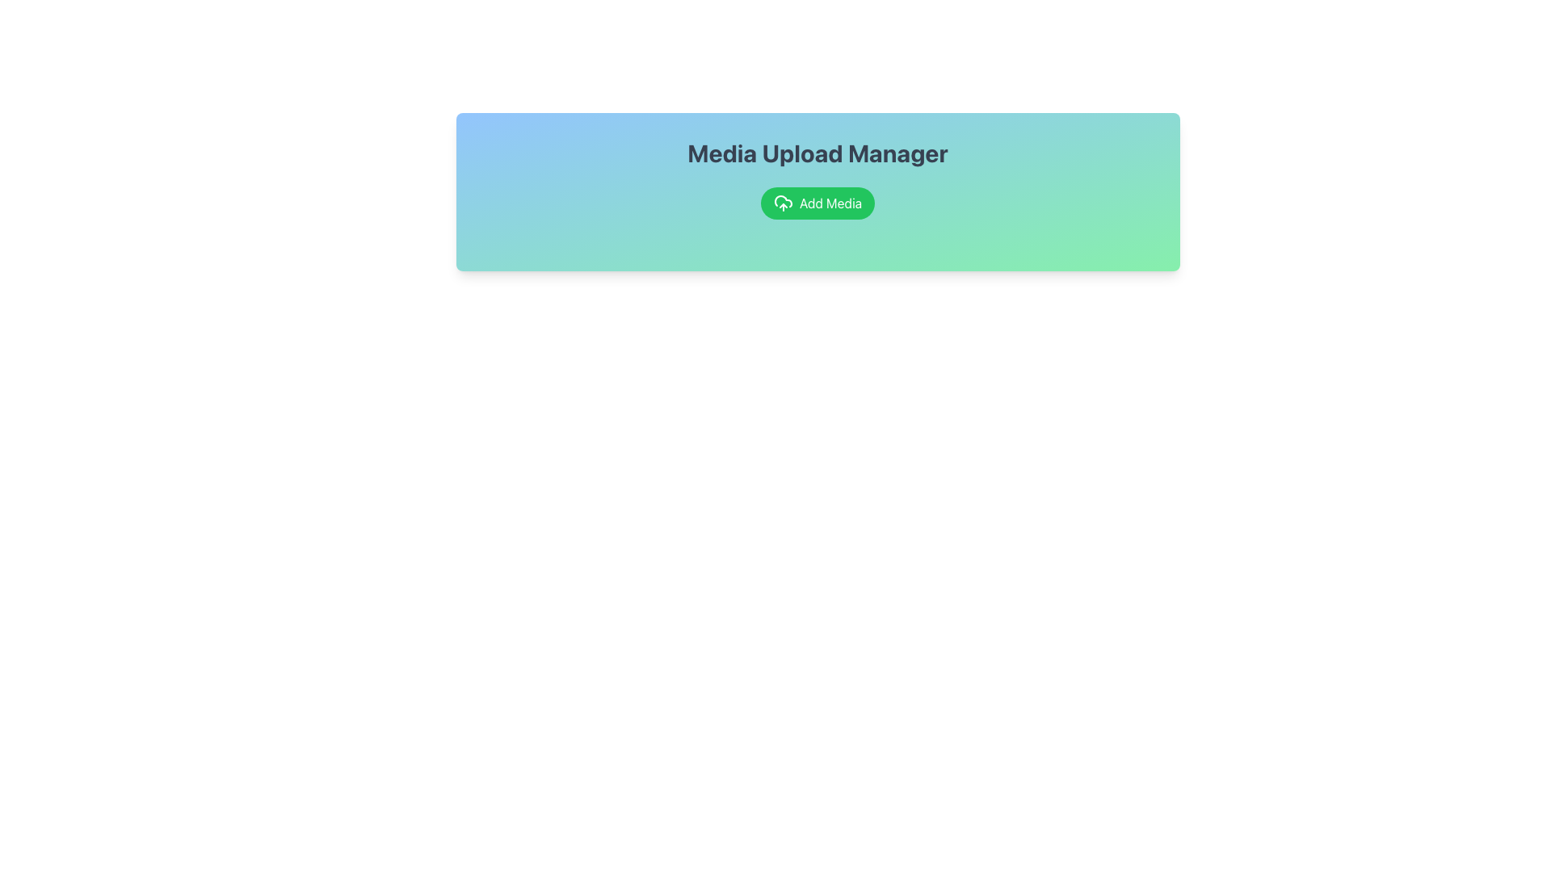 The height and width of the screenshot is (872, 1551). What do you see at coordinates (818, 202) in the screenshot?
I see `the 'Add Media' button` at bounding box center [818, 202].